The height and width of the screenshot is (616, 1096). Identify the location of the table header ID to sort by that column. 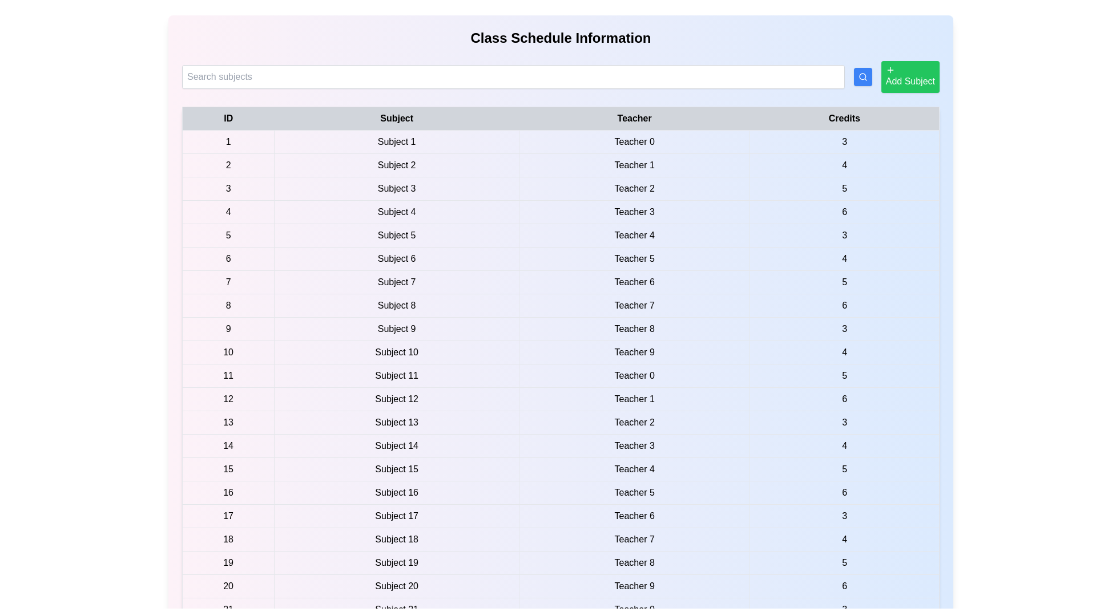
(228, 119).